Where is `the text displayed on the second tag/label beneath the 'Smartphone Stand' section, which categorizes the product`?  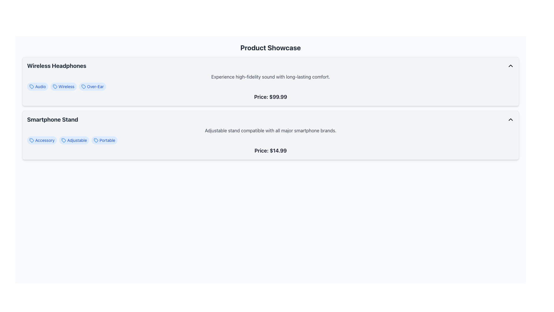
the text displayed on the second tag/label beneath the 'Smartphone Stand' section, which categorizes the product is located at coordinates (74, 140).